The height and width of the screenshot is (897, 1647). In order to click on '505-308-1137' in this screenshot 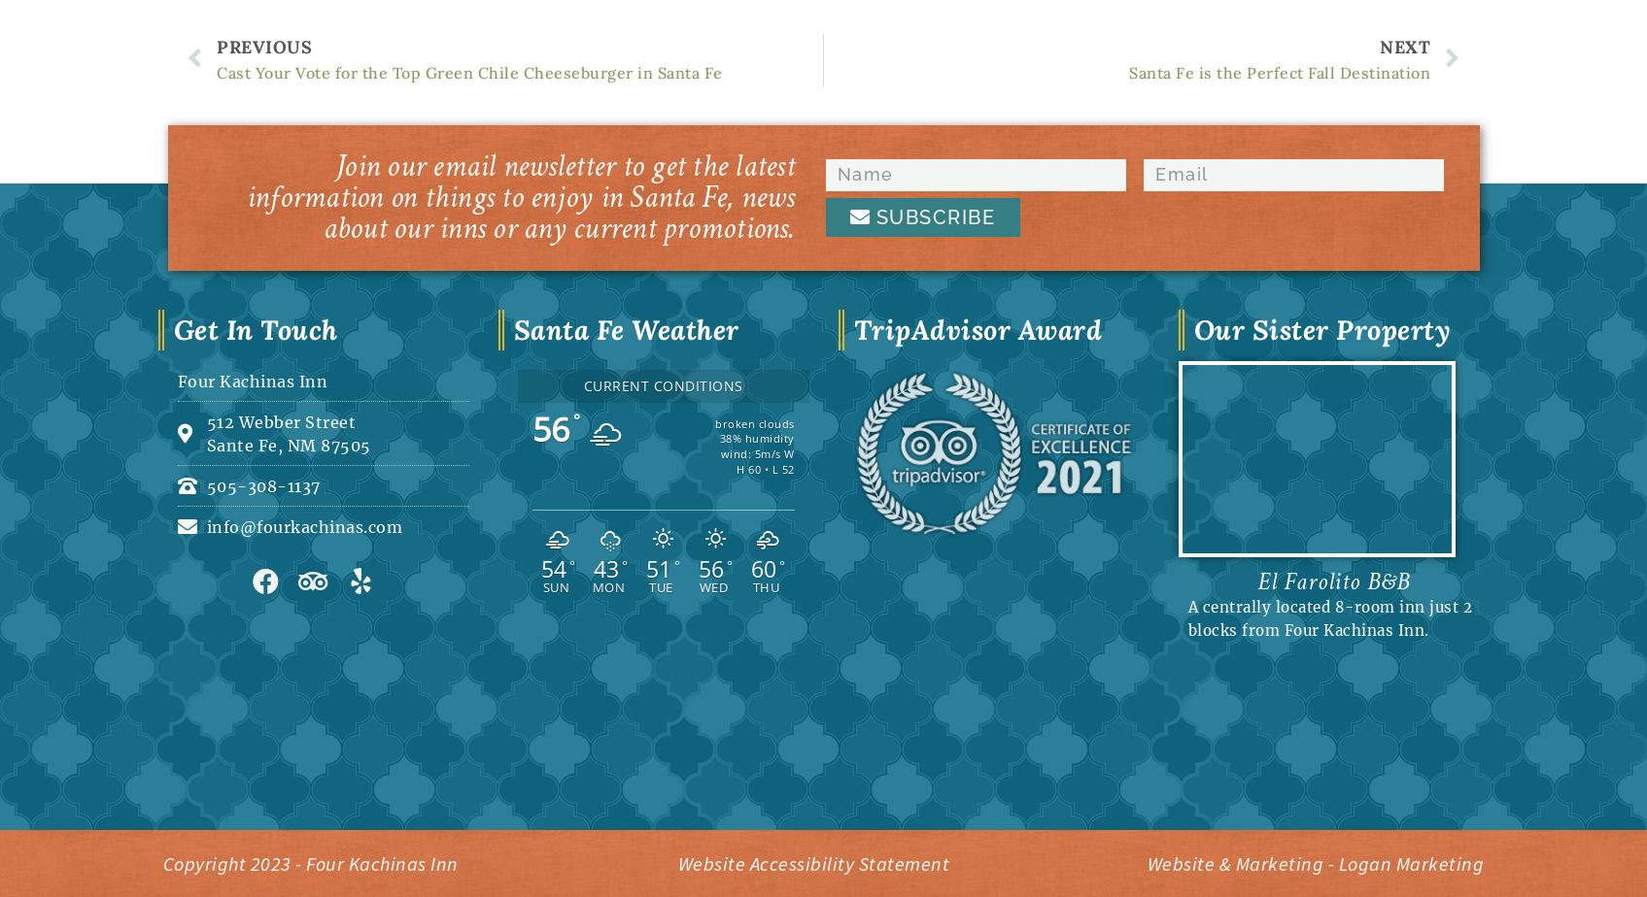, I will do `click(262, 483)`.